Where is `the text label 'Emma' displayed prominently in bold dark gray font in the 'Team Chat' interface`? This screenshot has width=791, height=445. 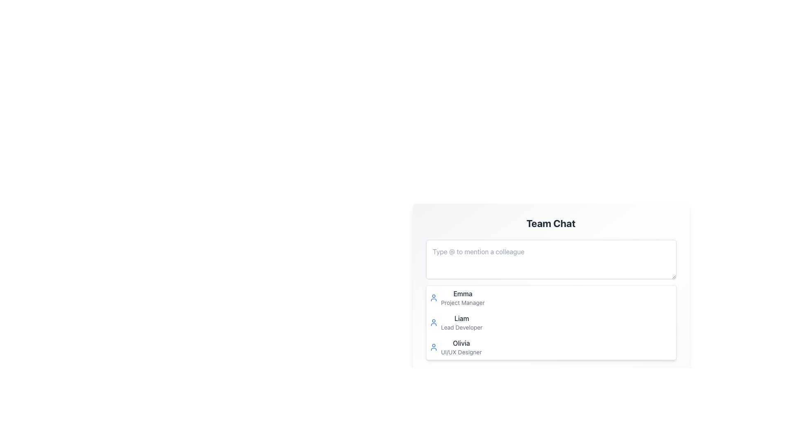 the text label 'Emma' displayed prominently in bold dark gray font in the 'Team Chat' interface is located at coordinates (463, 293).